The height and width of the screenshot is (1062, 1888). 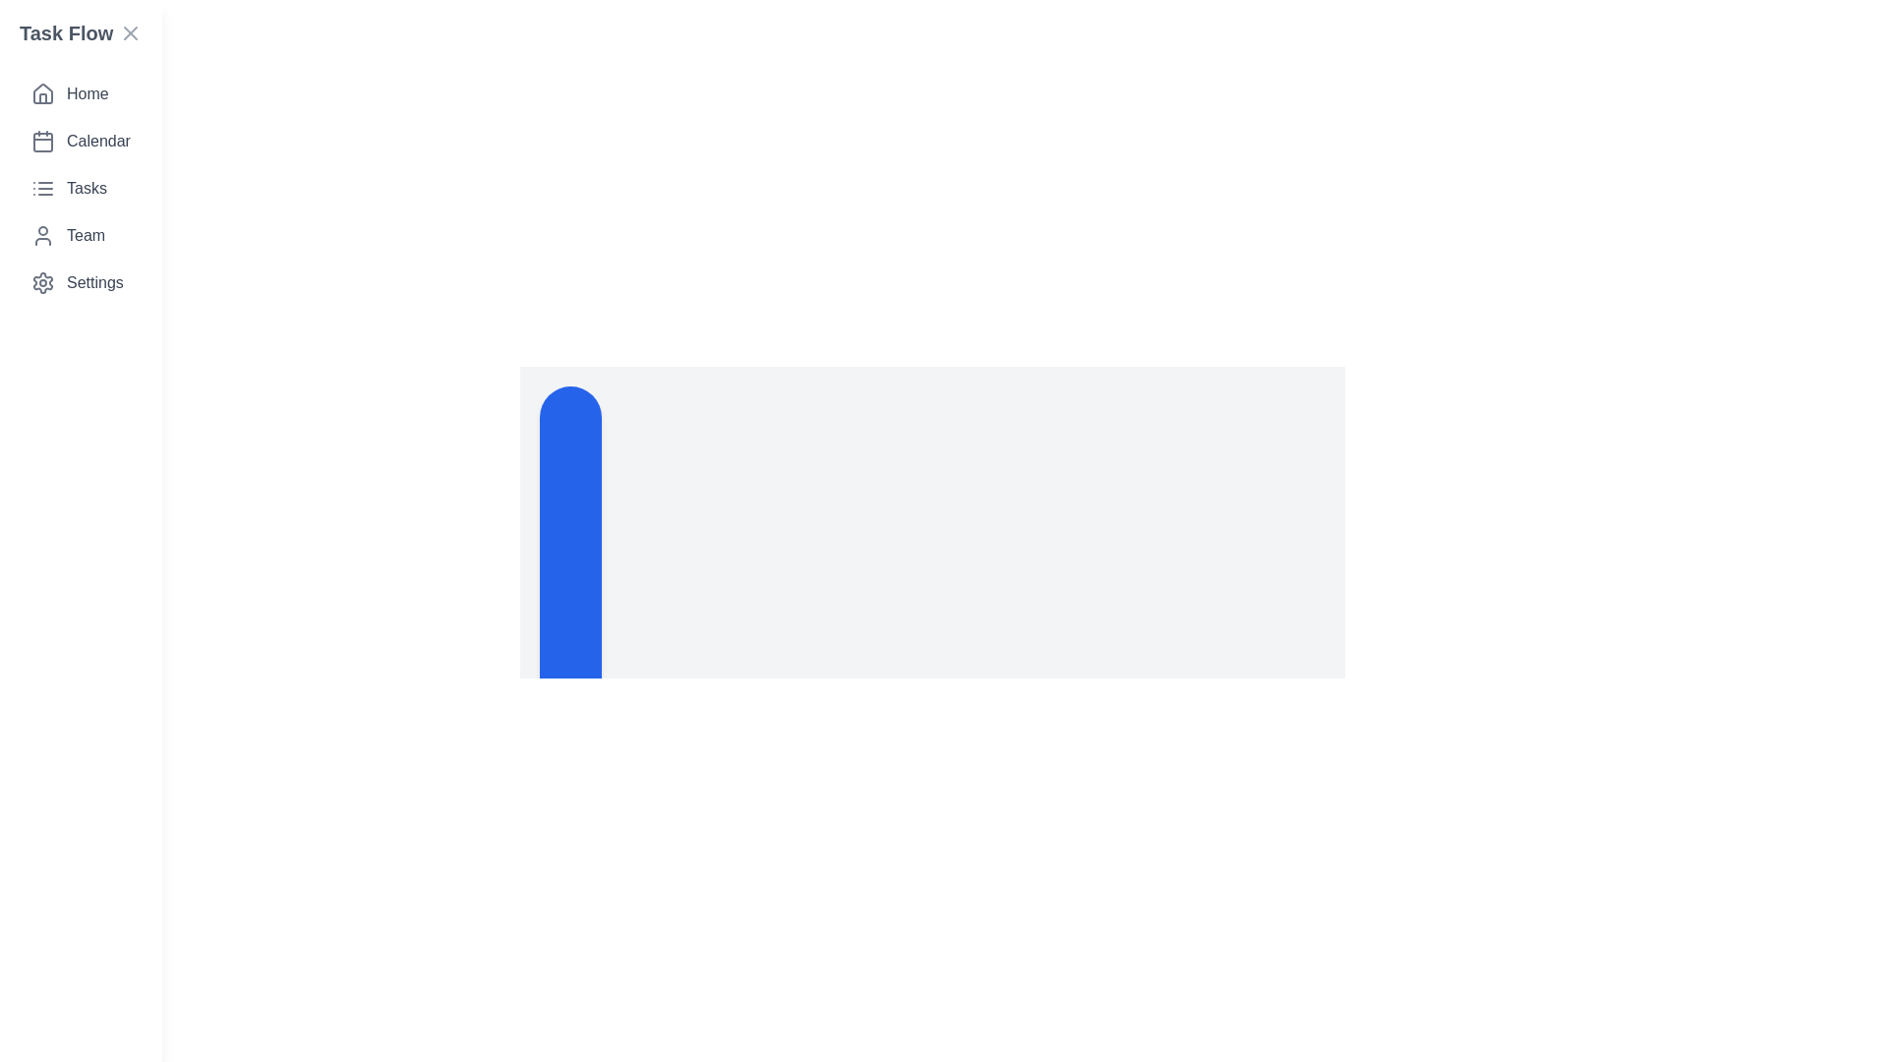 I want to click on the menu item corresponding to Calendar to navigate to that section, so click(x=79, y=140).